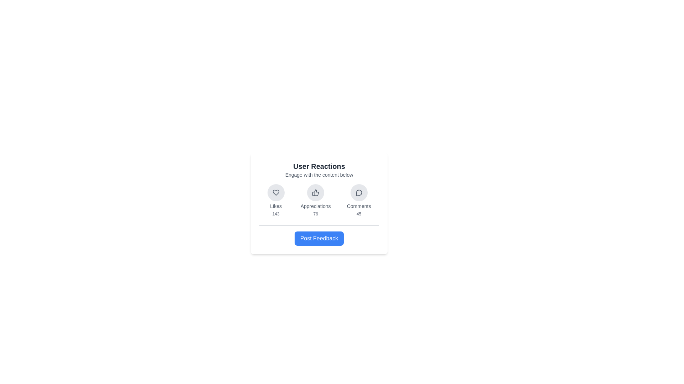 This screenshot has height=384, width=684. I want to click on the 'Comments' text label, which displays the text in gray and is positioned at the bottom of a vertical stack of elements, part of the 'Comments' interaction section, so click(359, 206).